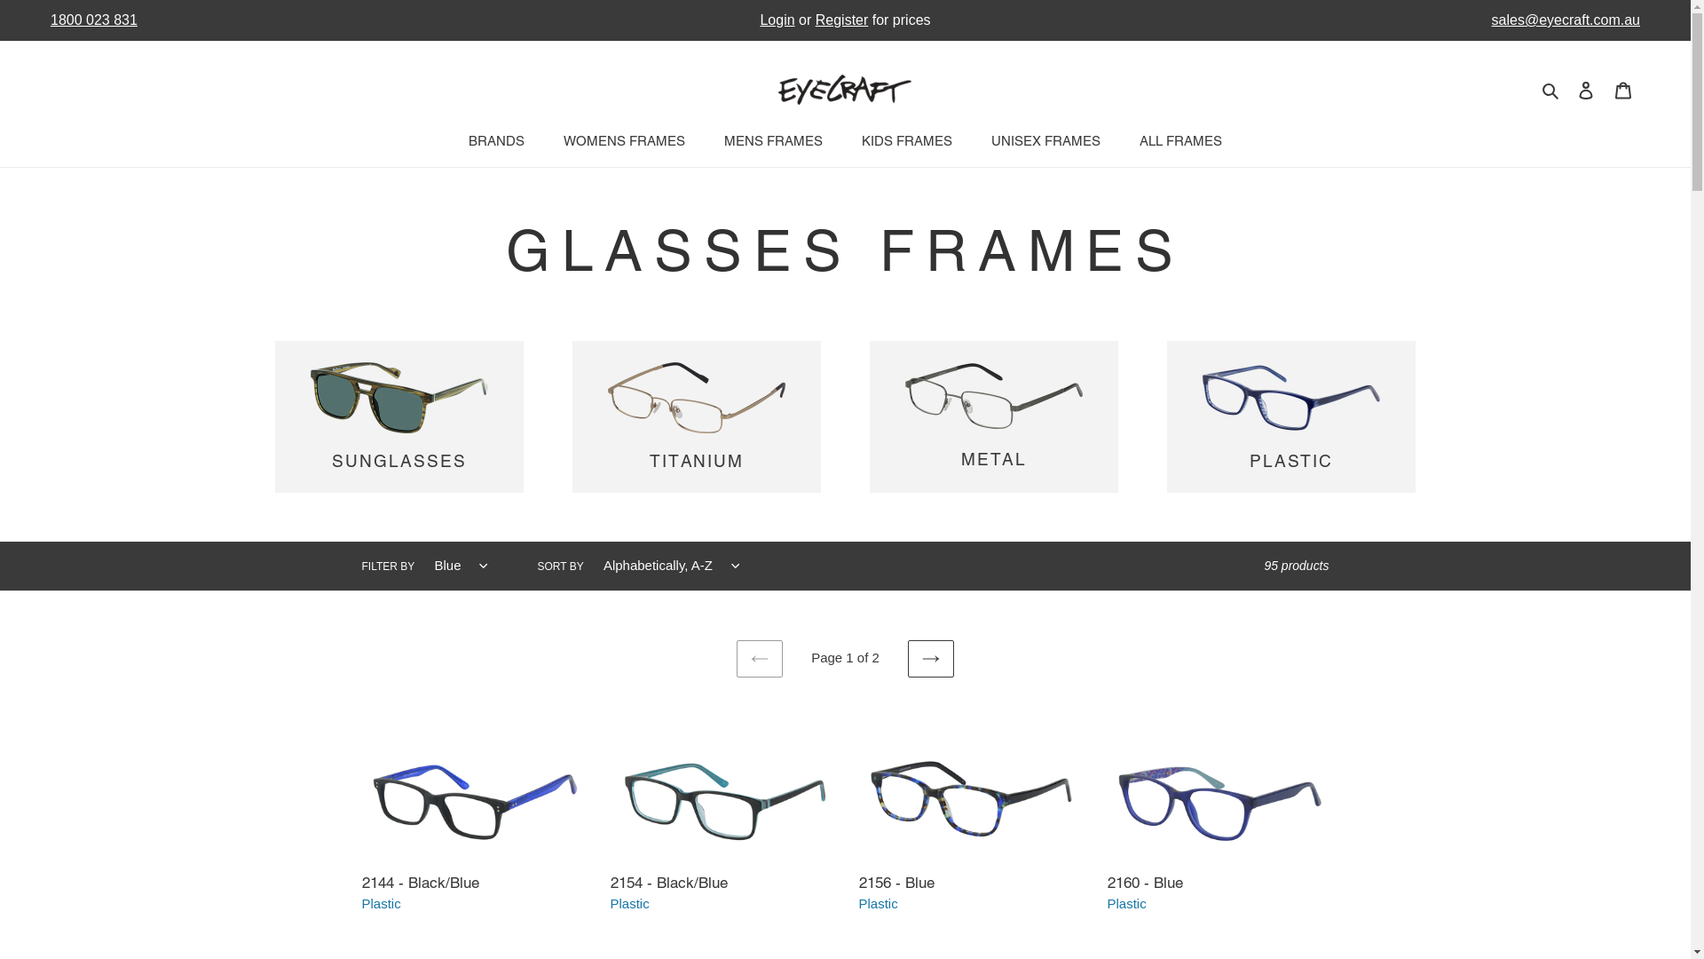  I want to click on 'KIDS FRAMES', so click(842, 142).